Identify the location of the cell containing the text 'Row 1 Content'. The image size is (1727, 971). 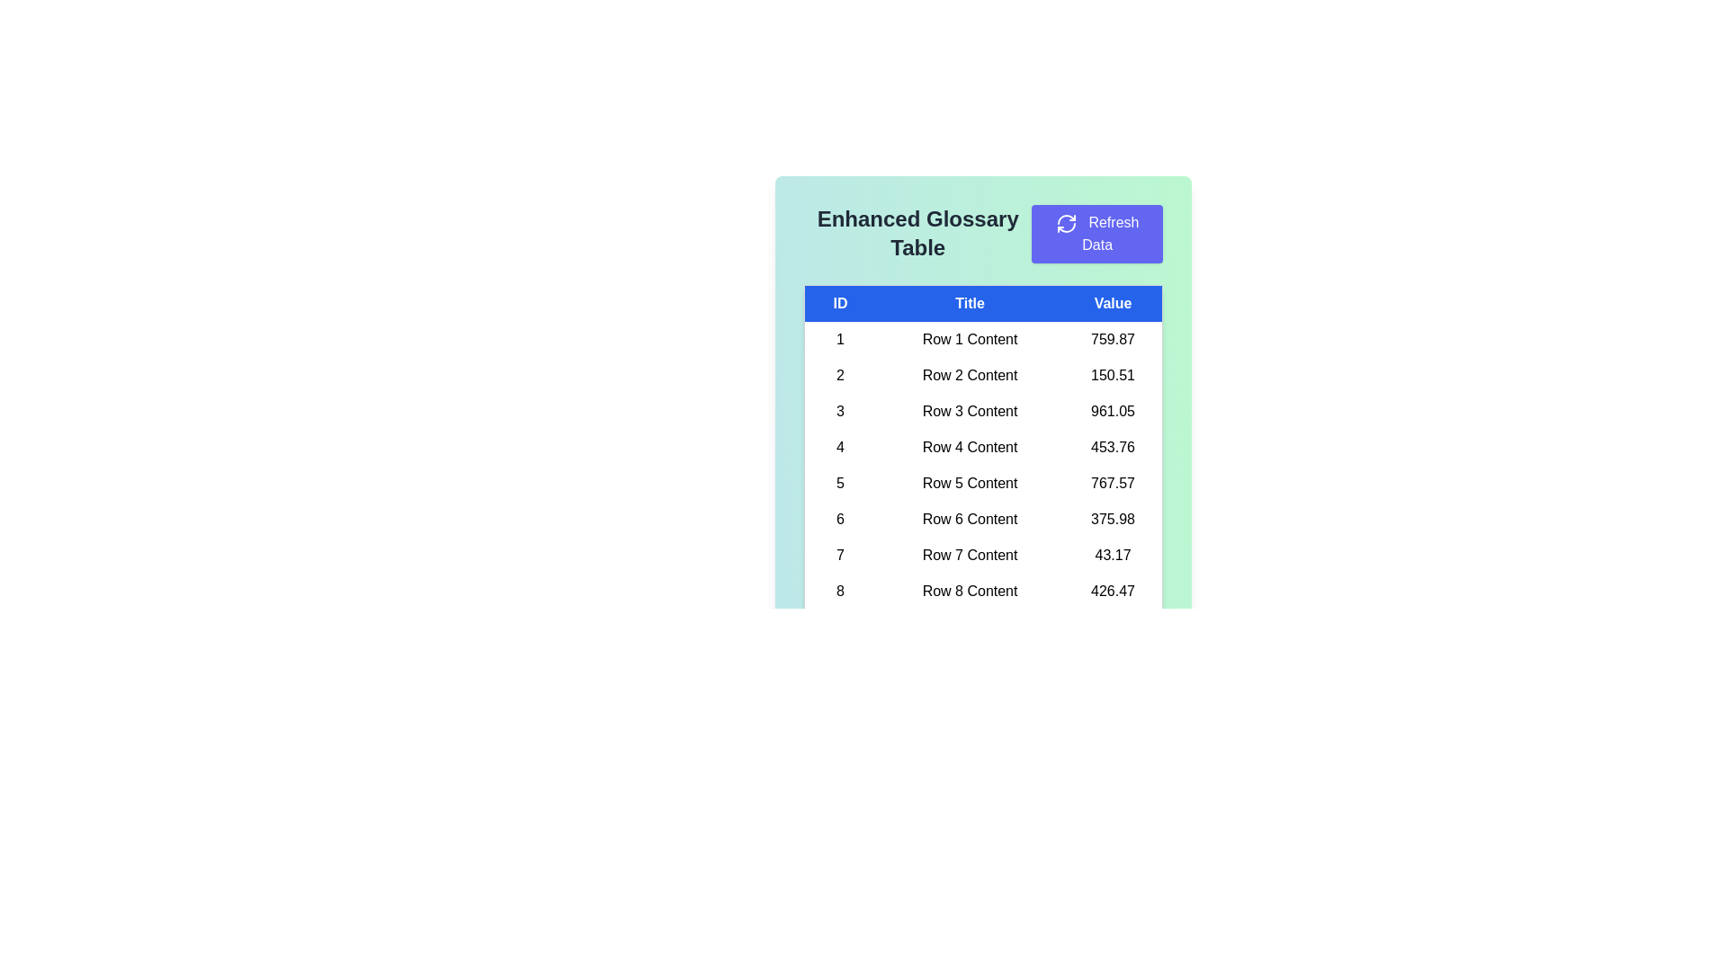
(969, 339).